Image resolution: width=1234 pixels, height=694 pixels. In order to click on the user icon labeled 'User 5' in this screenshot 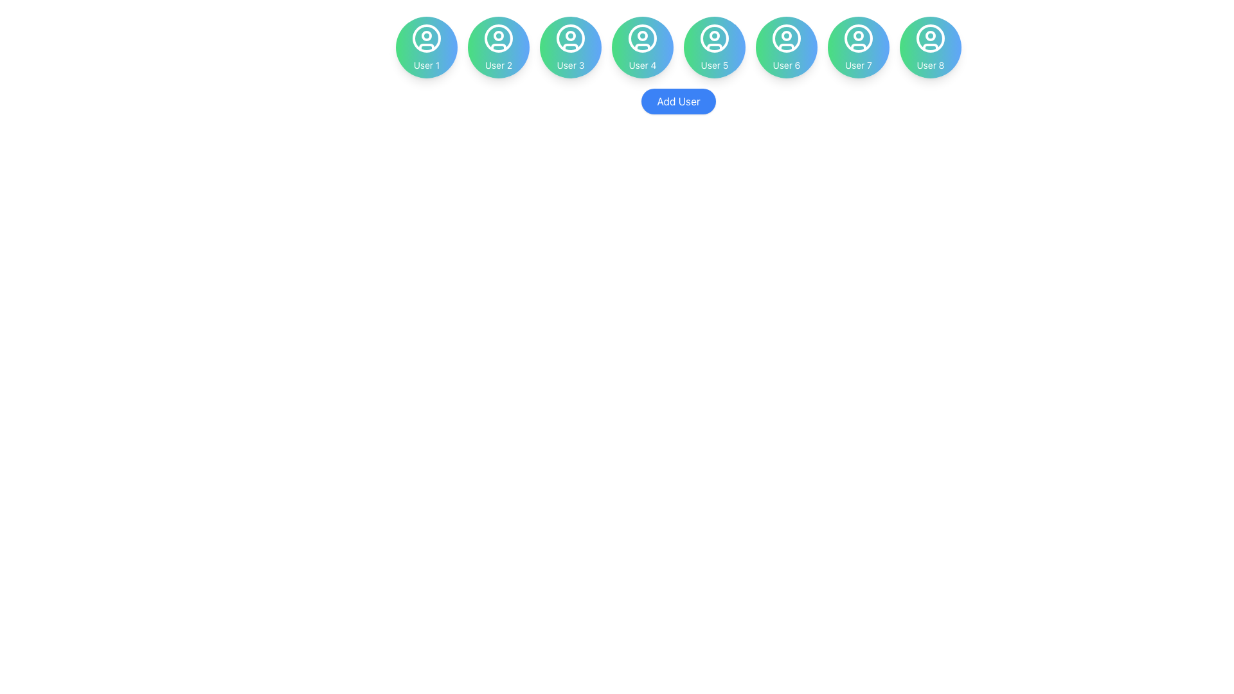, I will do `click(714, 38)`.